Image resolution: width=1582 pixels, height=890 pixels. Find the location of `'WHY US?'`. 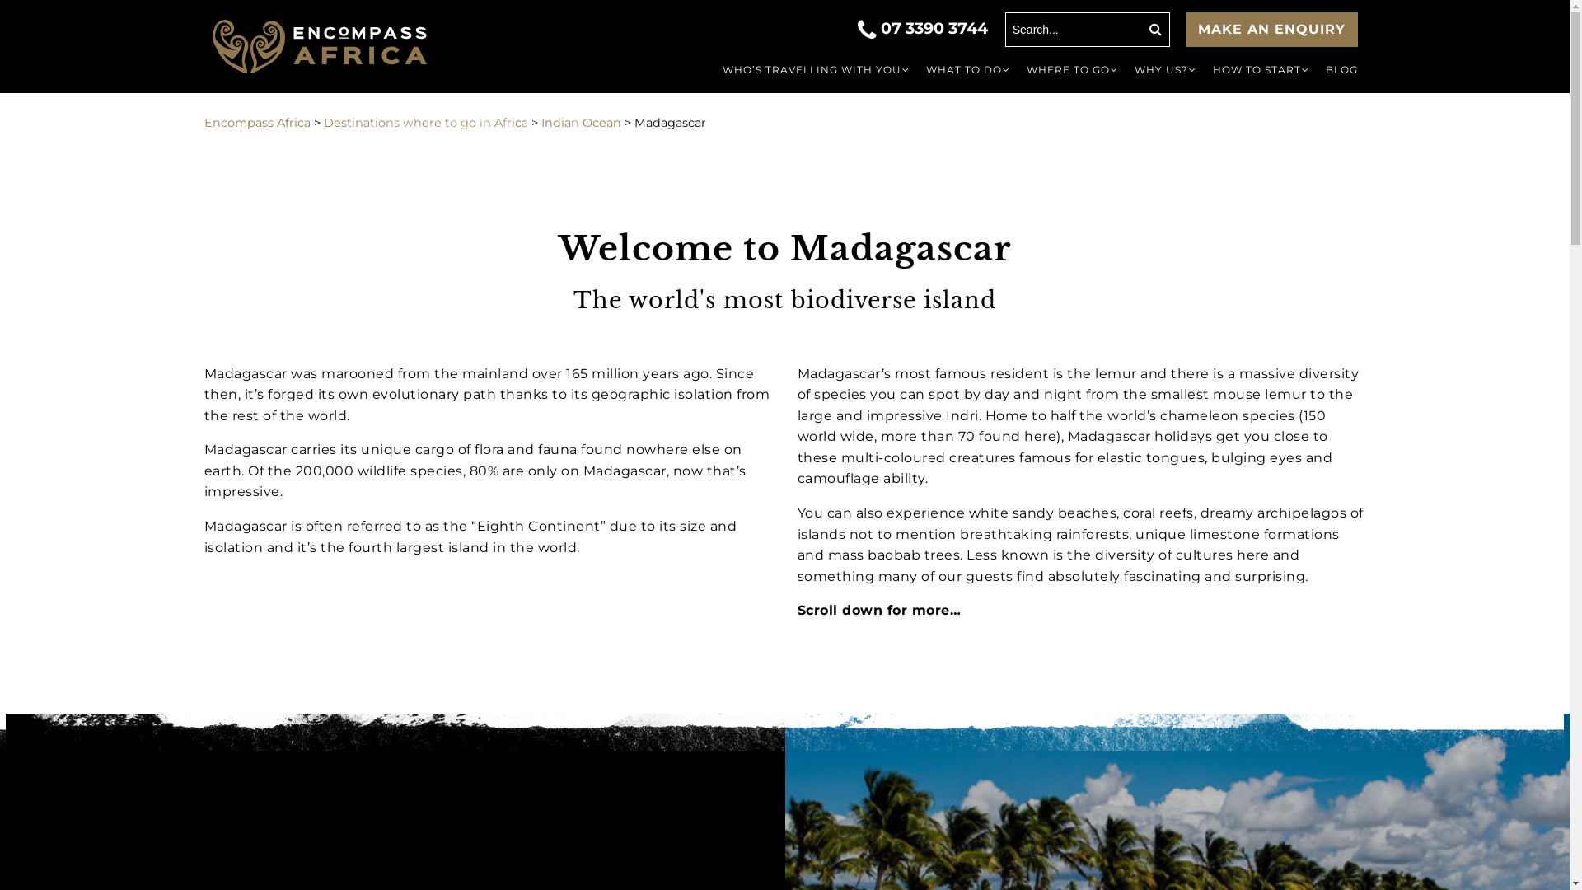

'WHY US?' is located at coordinates (1163, 68).